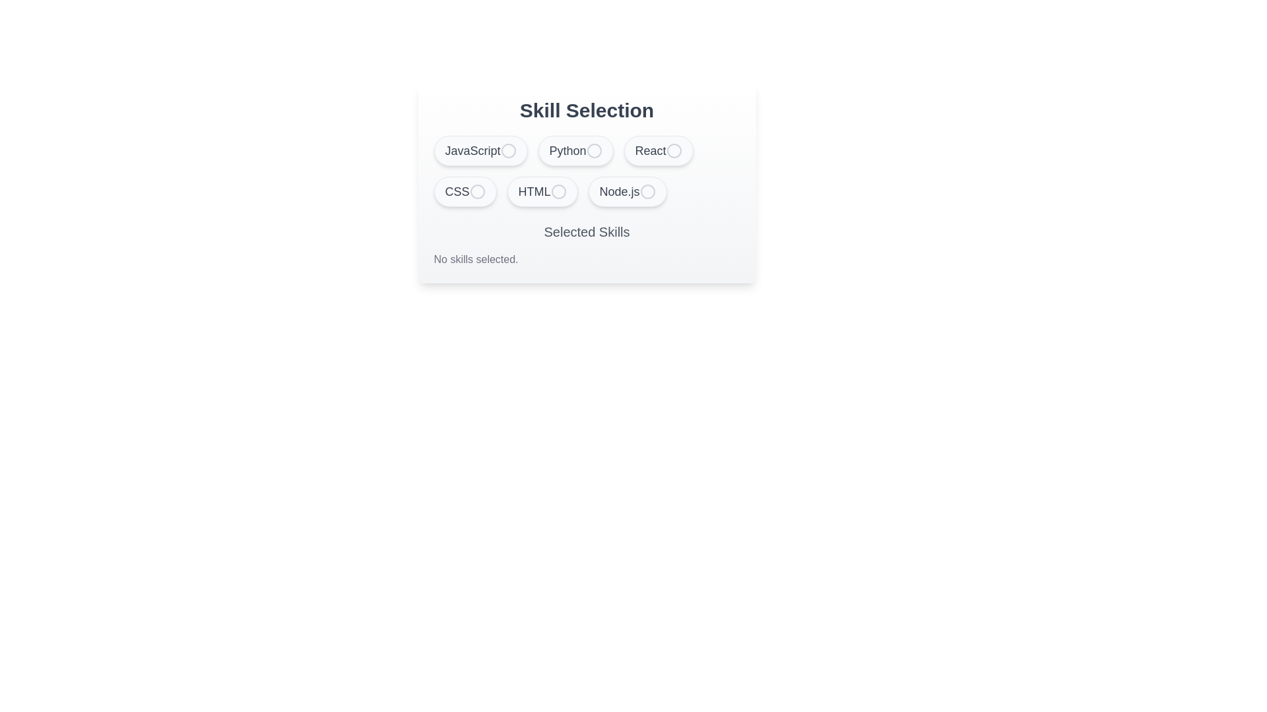 Image resolution: width=1267 pixels, height=712 pixels. I want to click on the unselected radio button indicator for 'JavaScript' skill selection, so click(507, 150).